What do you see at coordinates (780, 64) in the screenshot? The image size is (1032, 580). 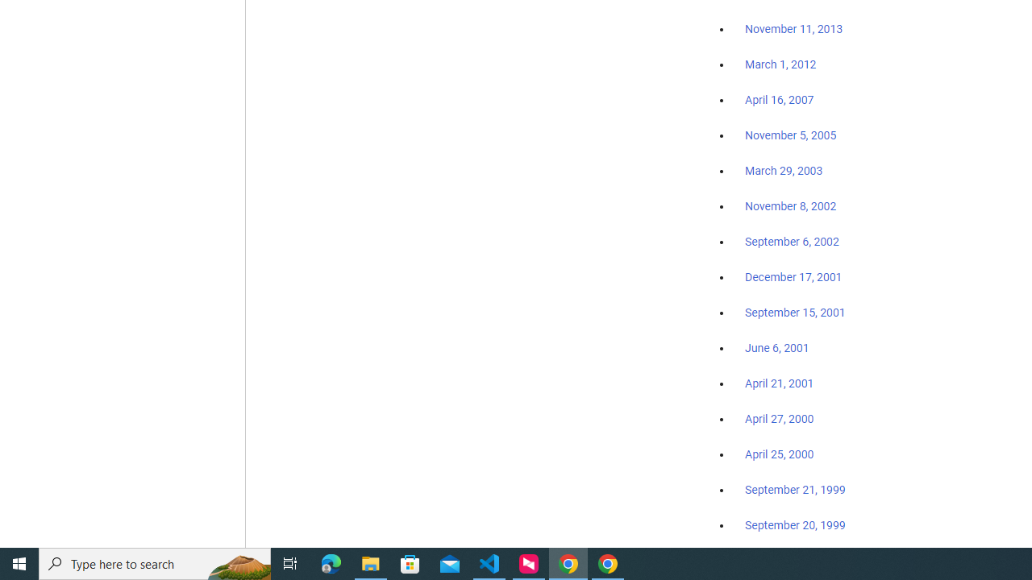 I see `'March 1, 2012'` at bounding box center [780, 64].